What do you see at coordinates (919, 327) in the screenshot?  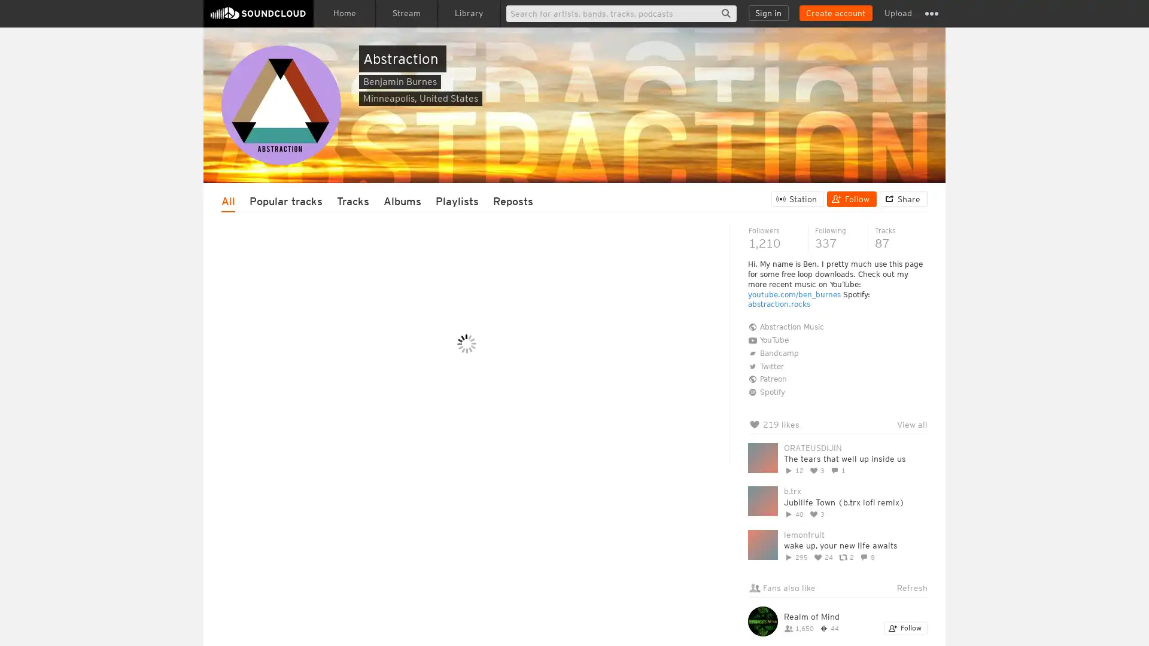 I see `Hide queue` at bounding box center [919, 327].